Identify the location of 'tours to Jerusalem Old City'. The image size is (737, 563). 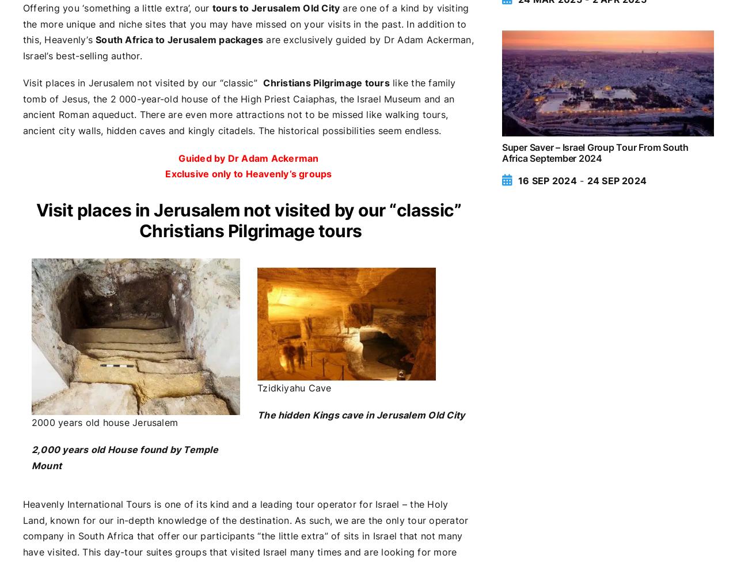
(275, 7).